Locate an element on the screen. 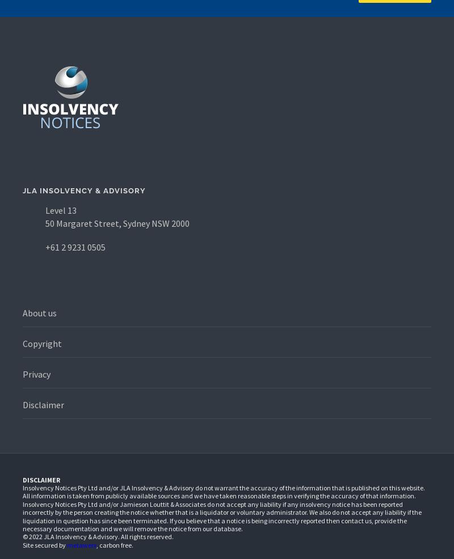 This screenshot has height=559, width=454. 'Insolvency Notices Pty Ltd and/or JLA Insolvency & Advisory do not warrant the accuracy of the information that is published on this website. All information is taken from publicly available sources and we have taken reasonable steps in verifying the accuracy of that information. Insolvency Notices Pty Ltd and/or Jamieson Louttit & Associates do not accept any liability if any insolvency notice has been reported incorrectly by the person creating the notice whether that is a liquidator or voluntary administrator. We also do not accept any liability if the liquidation in question has since been terminated. If you believe that a notice is being incorrectly reported then contact us, provide the necessary documentation and we will remove the notice from our database.' is located at coordinates (223, 507).